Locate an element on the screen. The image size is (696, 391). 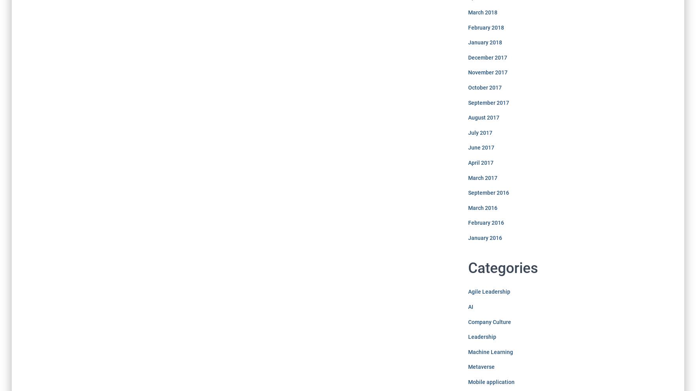
'July 2017' is located at coordinates (479, 132).